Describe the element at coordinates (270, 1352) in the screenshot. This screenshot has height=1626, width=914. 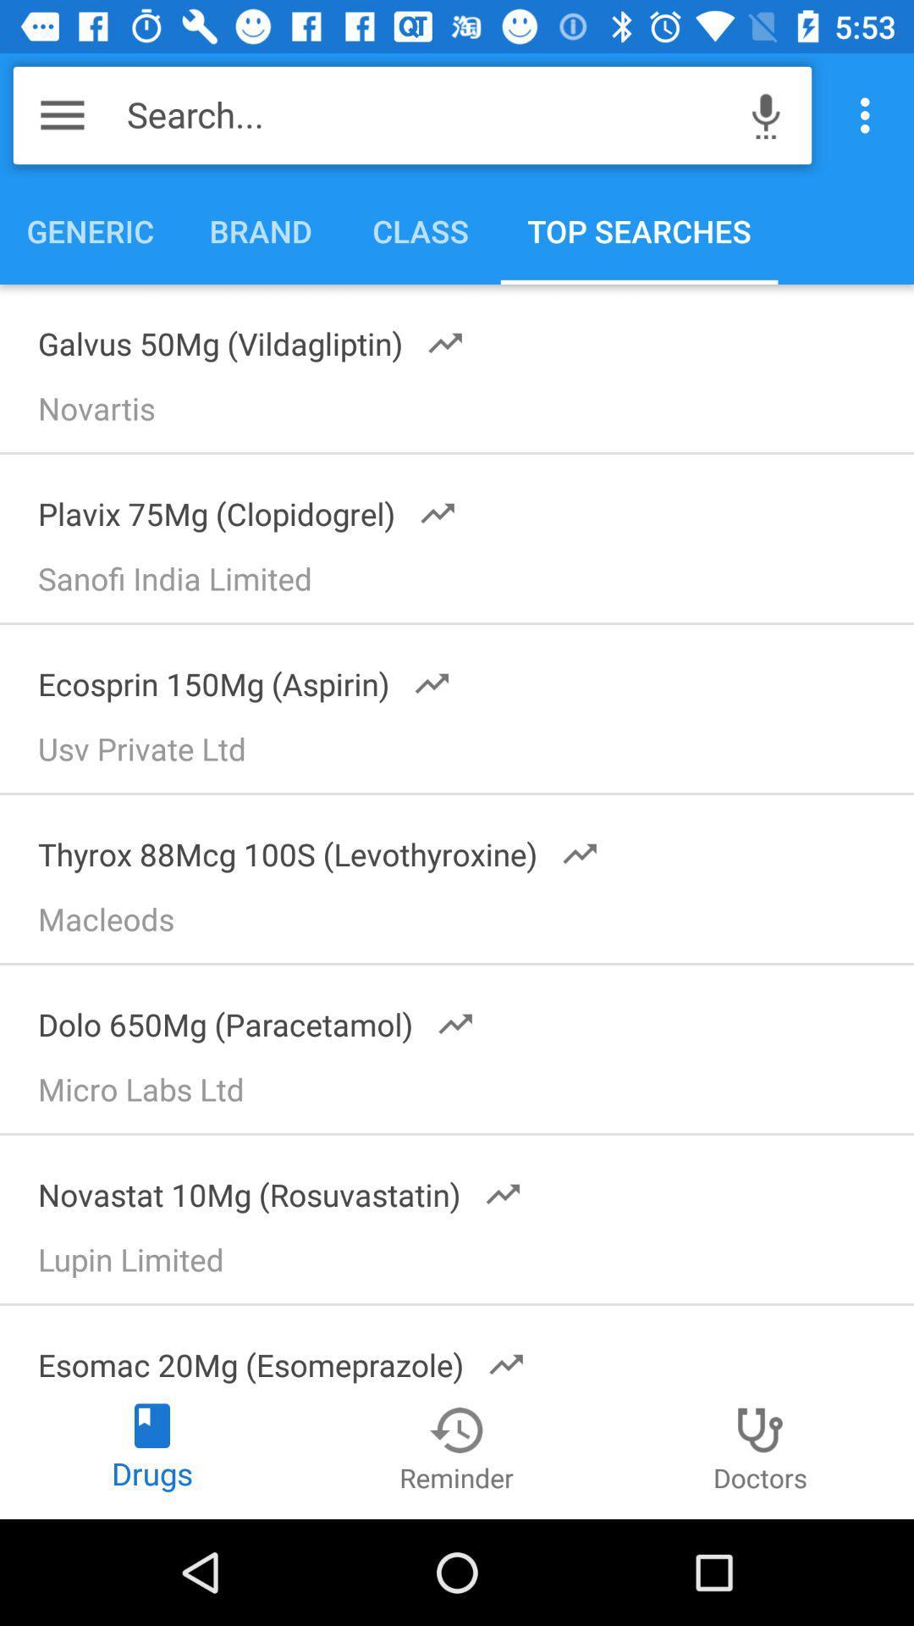
I see `the esomac 20mg (esomeprazole) icon` at that location.